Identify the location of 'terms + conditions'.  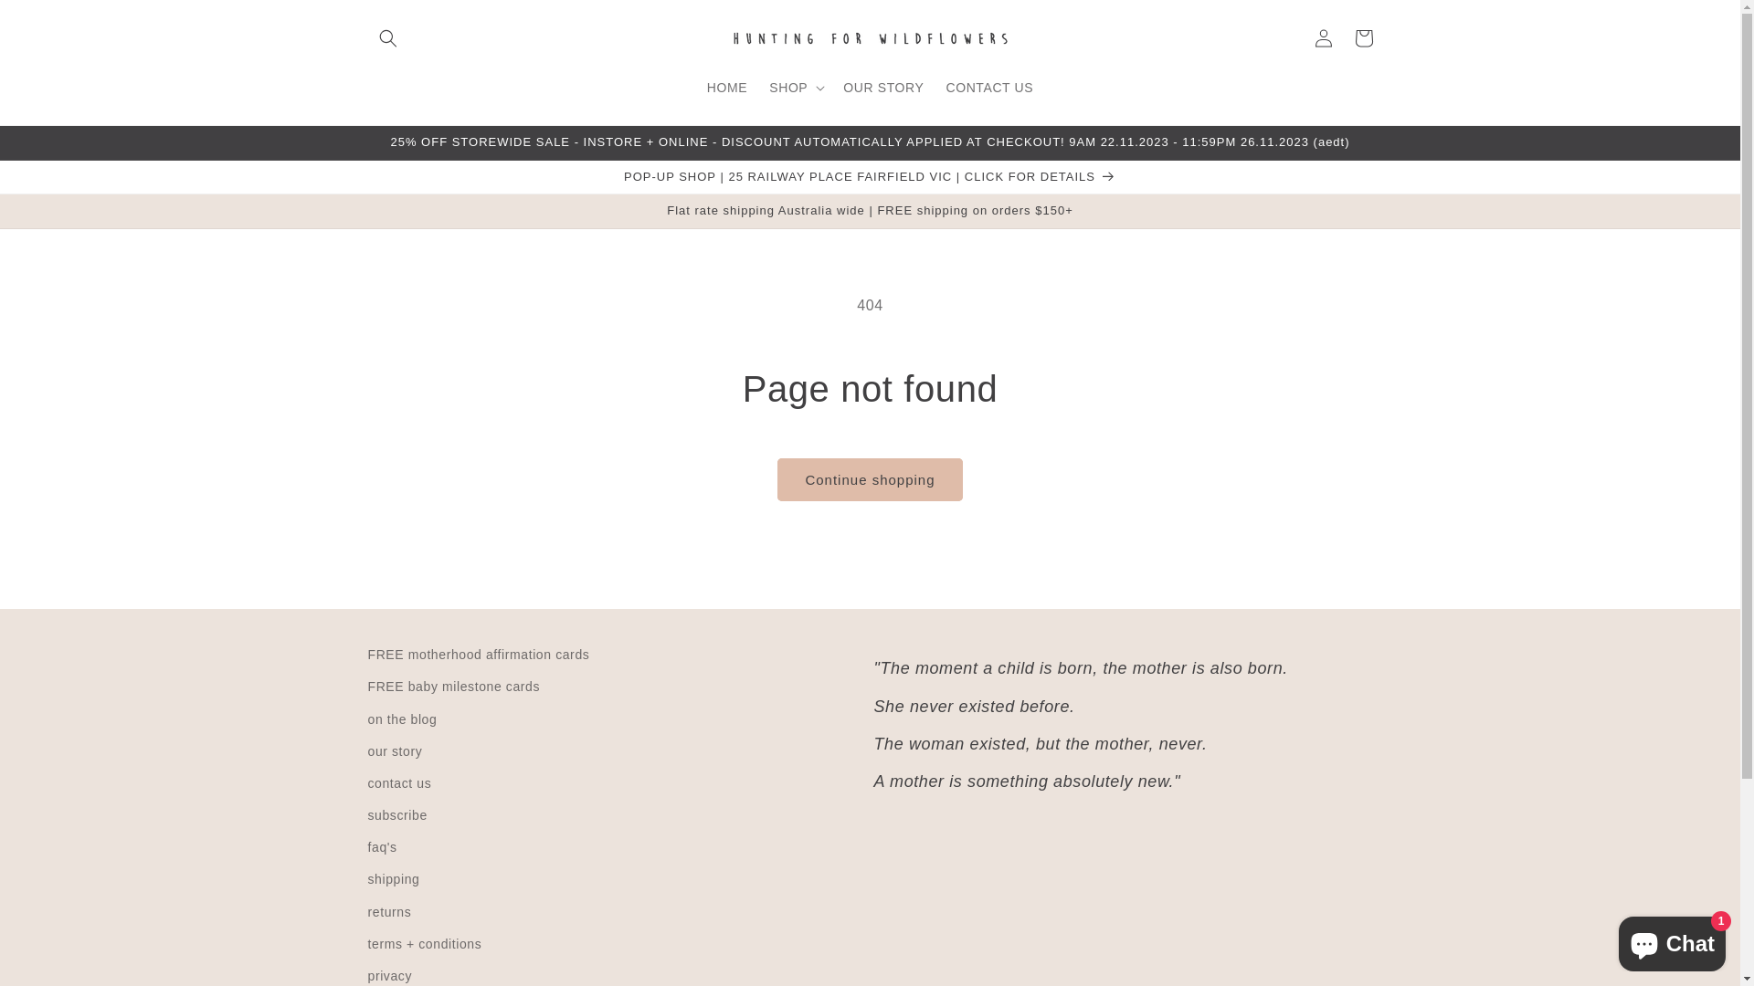
(423, 944).